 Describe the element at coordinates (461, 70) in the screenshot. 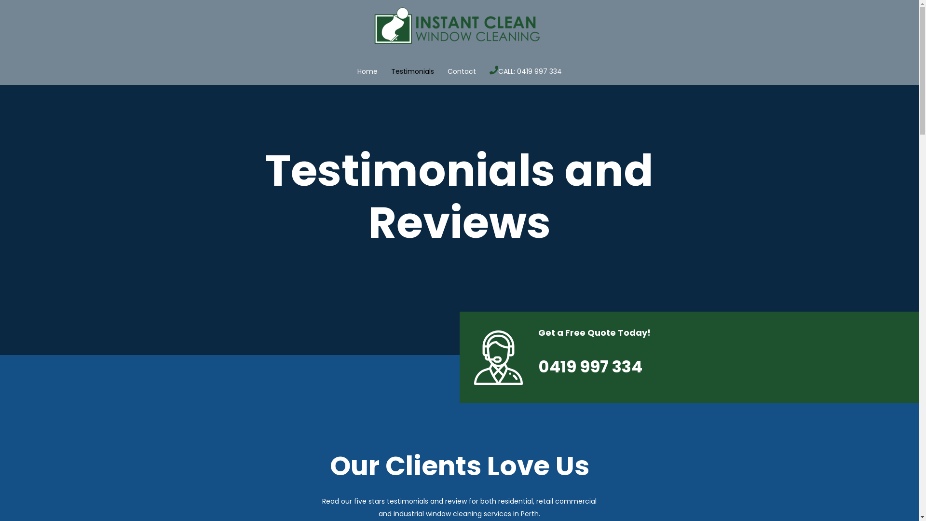

I see `'Contact'` at that location.